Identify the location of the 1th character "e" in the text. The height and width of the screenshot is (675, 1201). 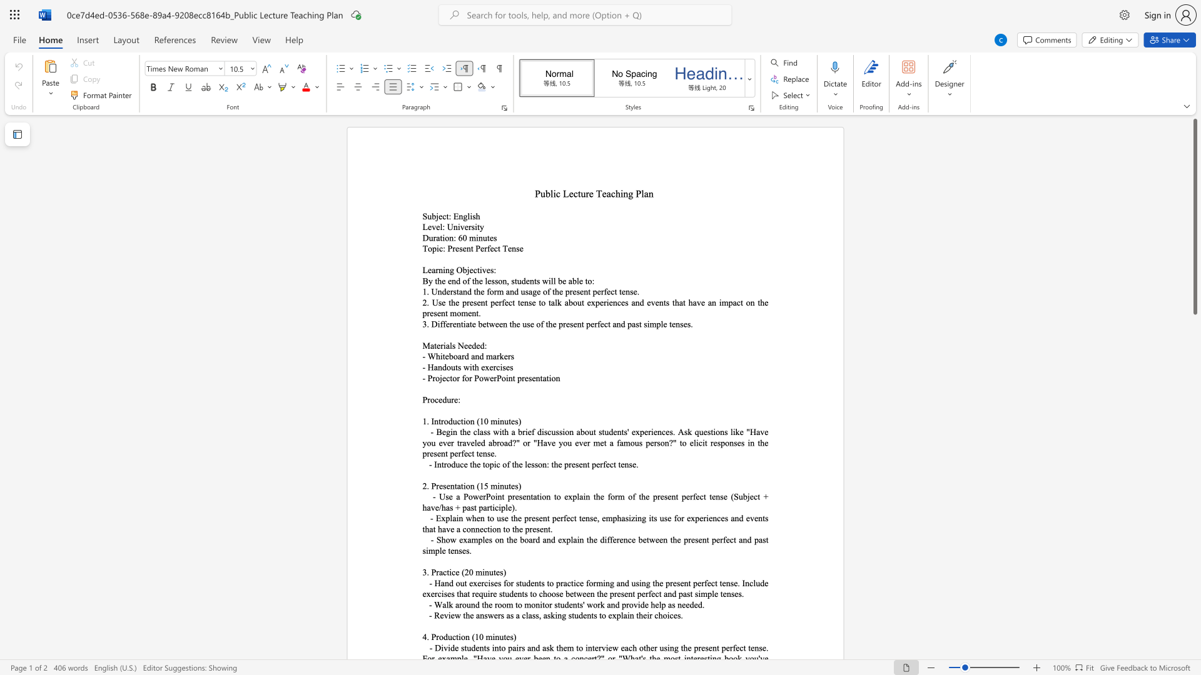
(444, 377).